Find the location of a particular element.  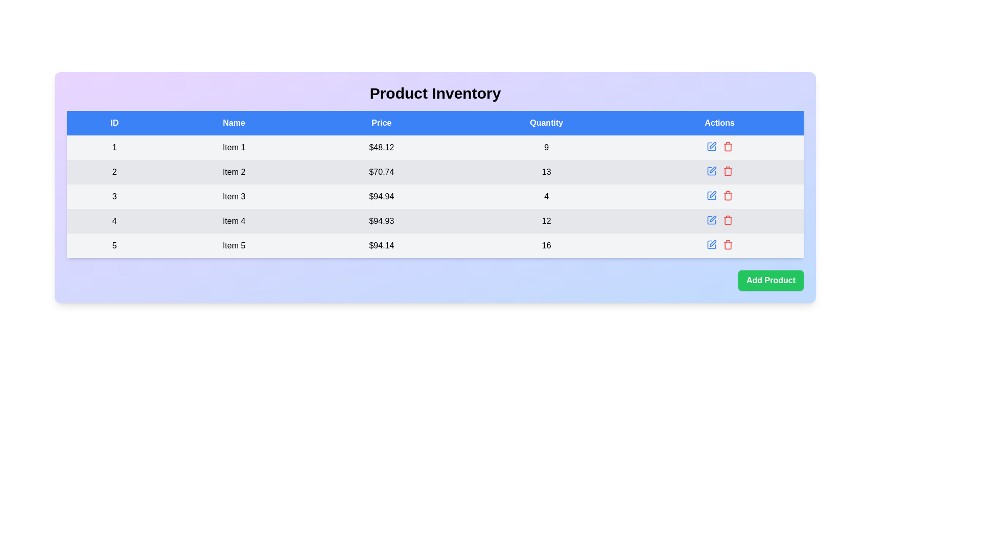

the static text element representing the ID number for 'Item 5' in the last row of the table is located at coordinates (114, 246).